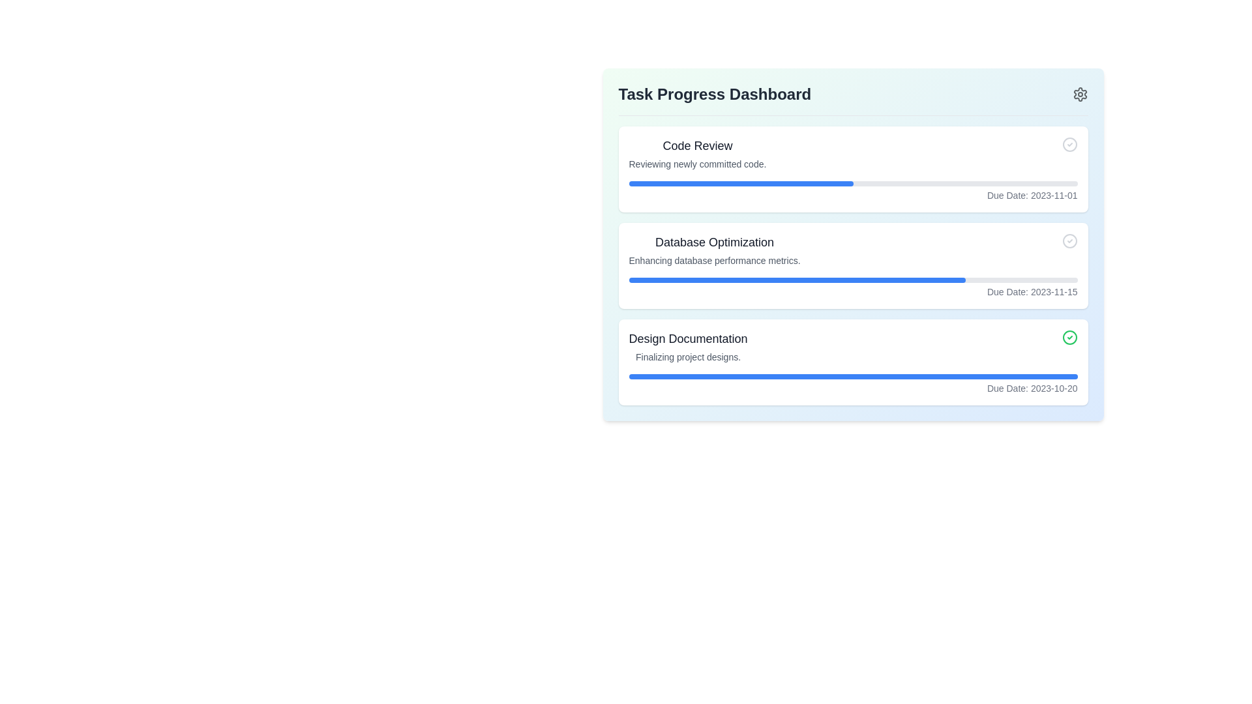  I want to click on the blue horizontal progress bar with rounded ends that represents progress within the 'Code Review' task block, so click(741, 183).